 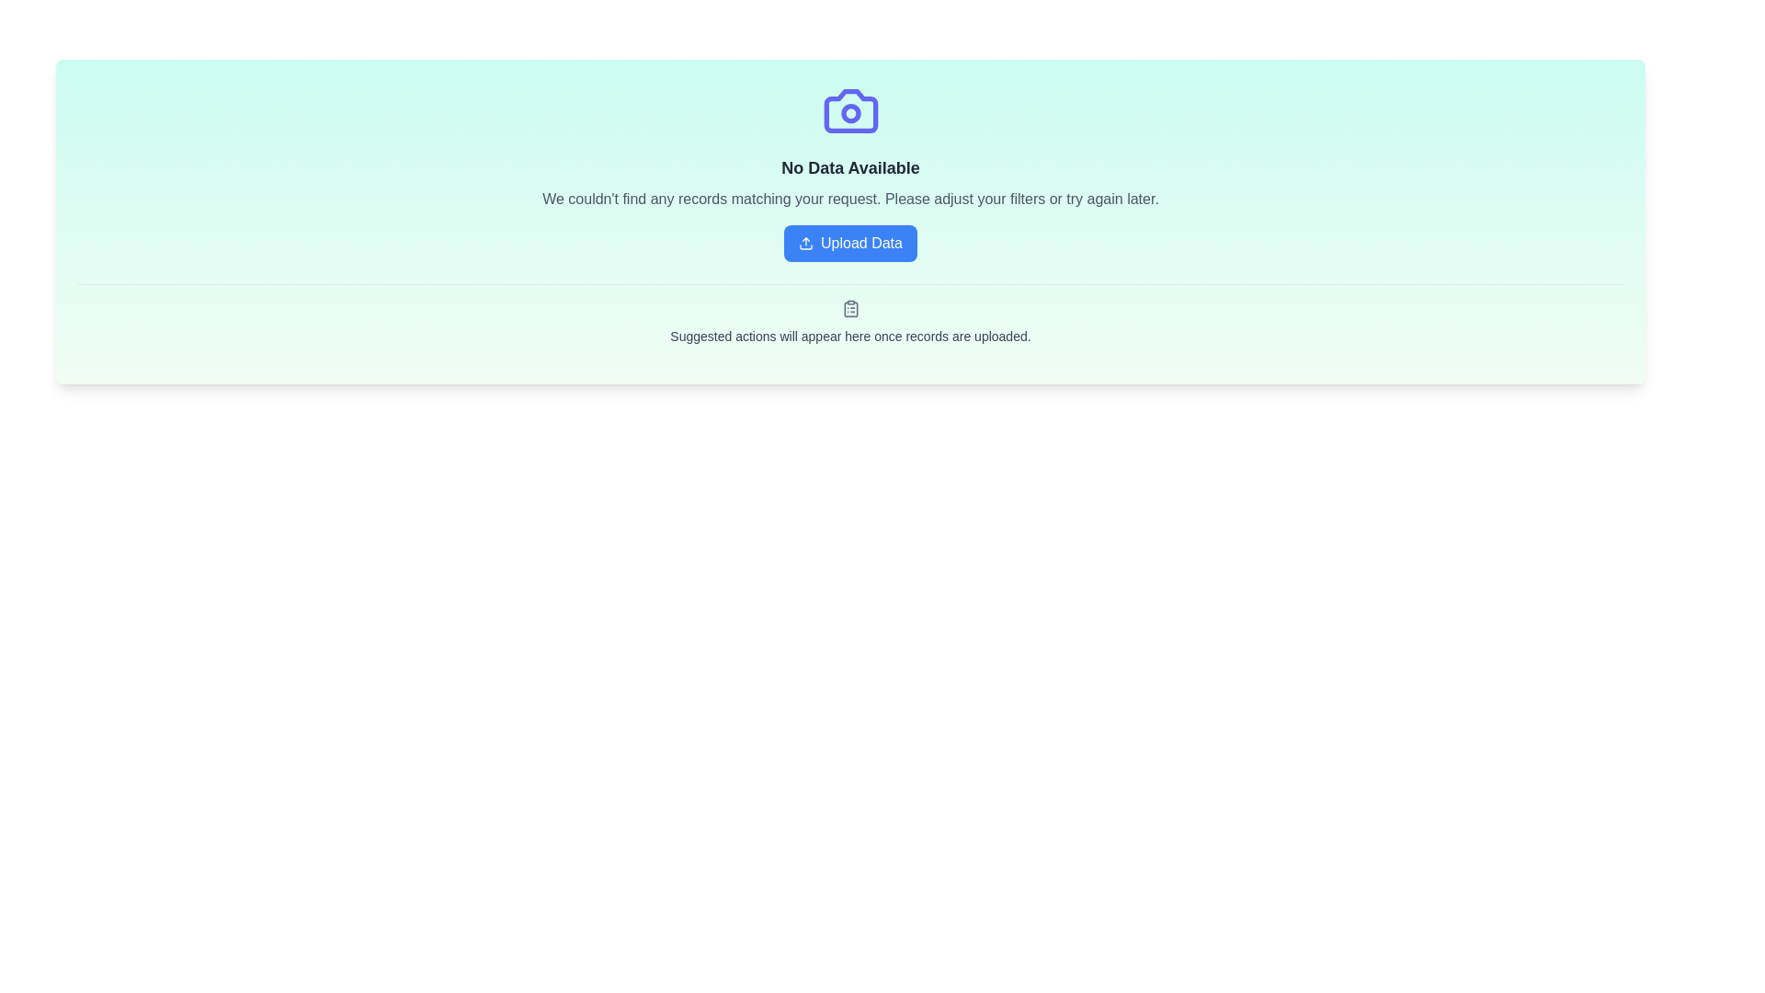 What do you see at coordinates (849, 199) in the screenshot?
I see `the text label that displays the message: 'We couldn't find any records matching your request. Please adjust your filters or try again later,' which is styled in gray and positioned below the title 'No Data Available.'` at bounding box center [849, 199].